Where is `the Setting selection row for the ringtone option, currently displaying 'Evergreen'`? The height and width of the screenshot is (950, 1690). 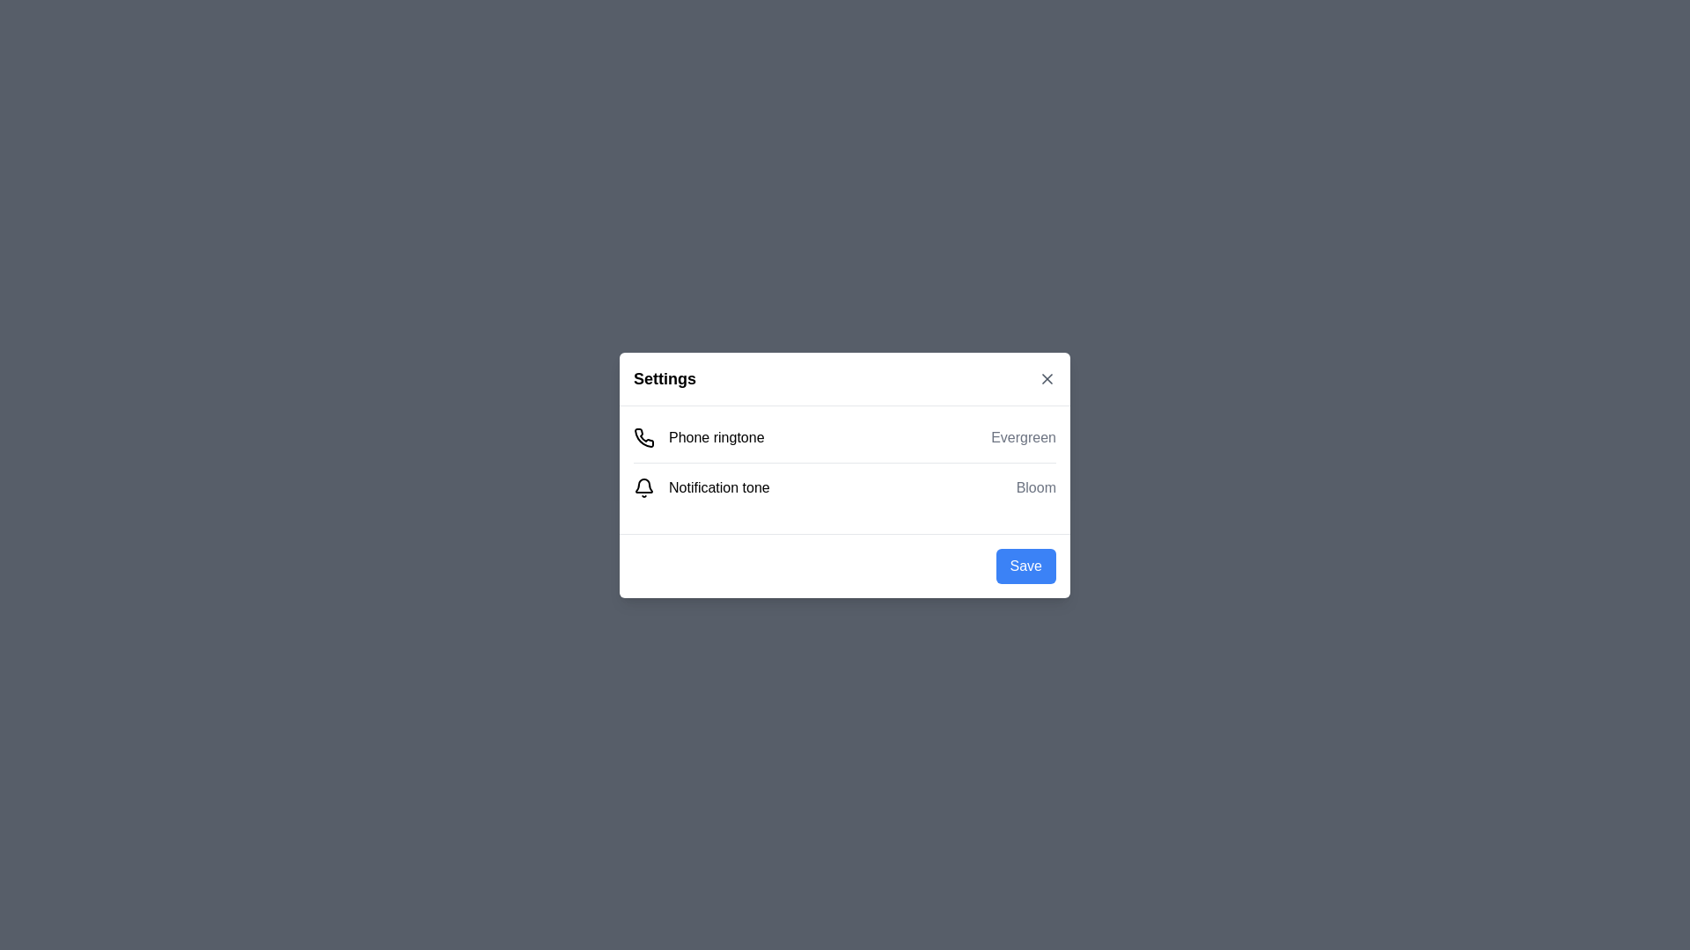 the Setting selection row for the ringtone option, currently displaying 'Evergreen' is located at coordinates (845, 436).